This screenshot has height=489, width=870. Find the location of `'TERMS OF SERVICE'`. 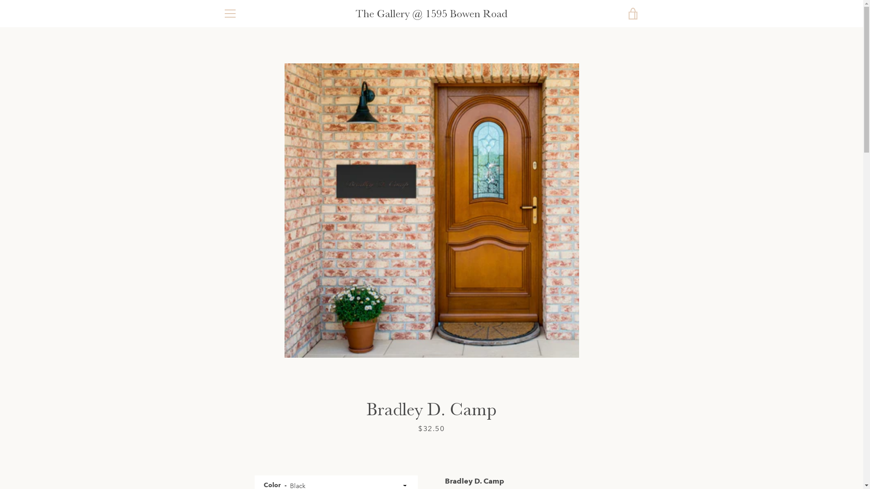

'TERMS OF SERVICE' is located at coordinates (252, 389).